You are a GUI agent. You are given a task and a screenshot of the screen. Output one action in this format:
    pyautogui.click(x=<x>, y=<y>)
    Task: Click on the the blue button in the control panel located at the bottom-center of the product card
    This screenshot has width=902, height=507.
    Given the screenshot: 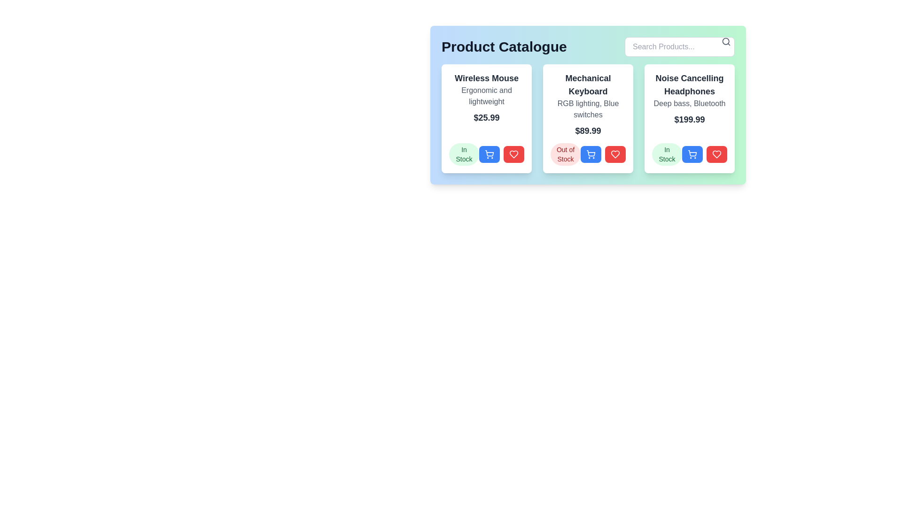 What is the action you would take?
    pyautogui.click(x=501, y=154)
    